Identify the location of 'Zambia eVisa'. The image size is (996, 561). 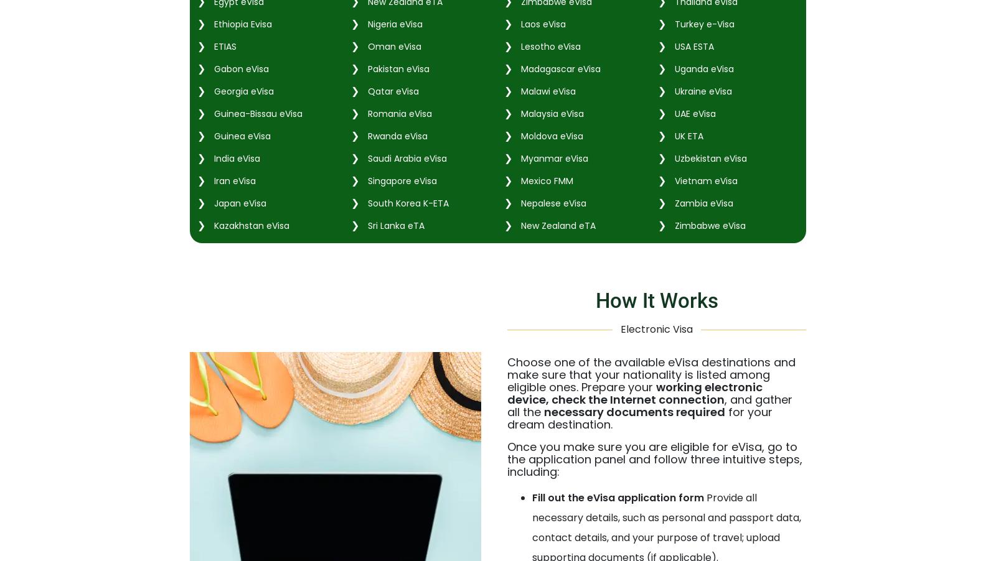
(702, 202).